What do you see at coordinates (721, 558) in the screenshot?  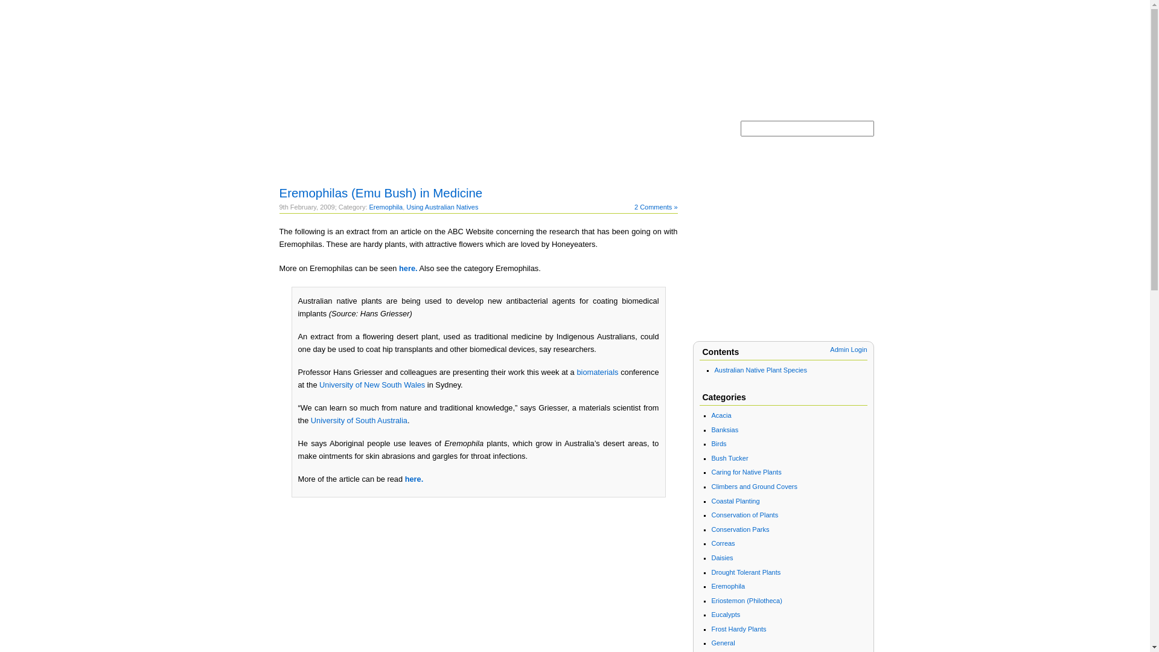 I see `'Daisies'` at bounding box center [721, 558].